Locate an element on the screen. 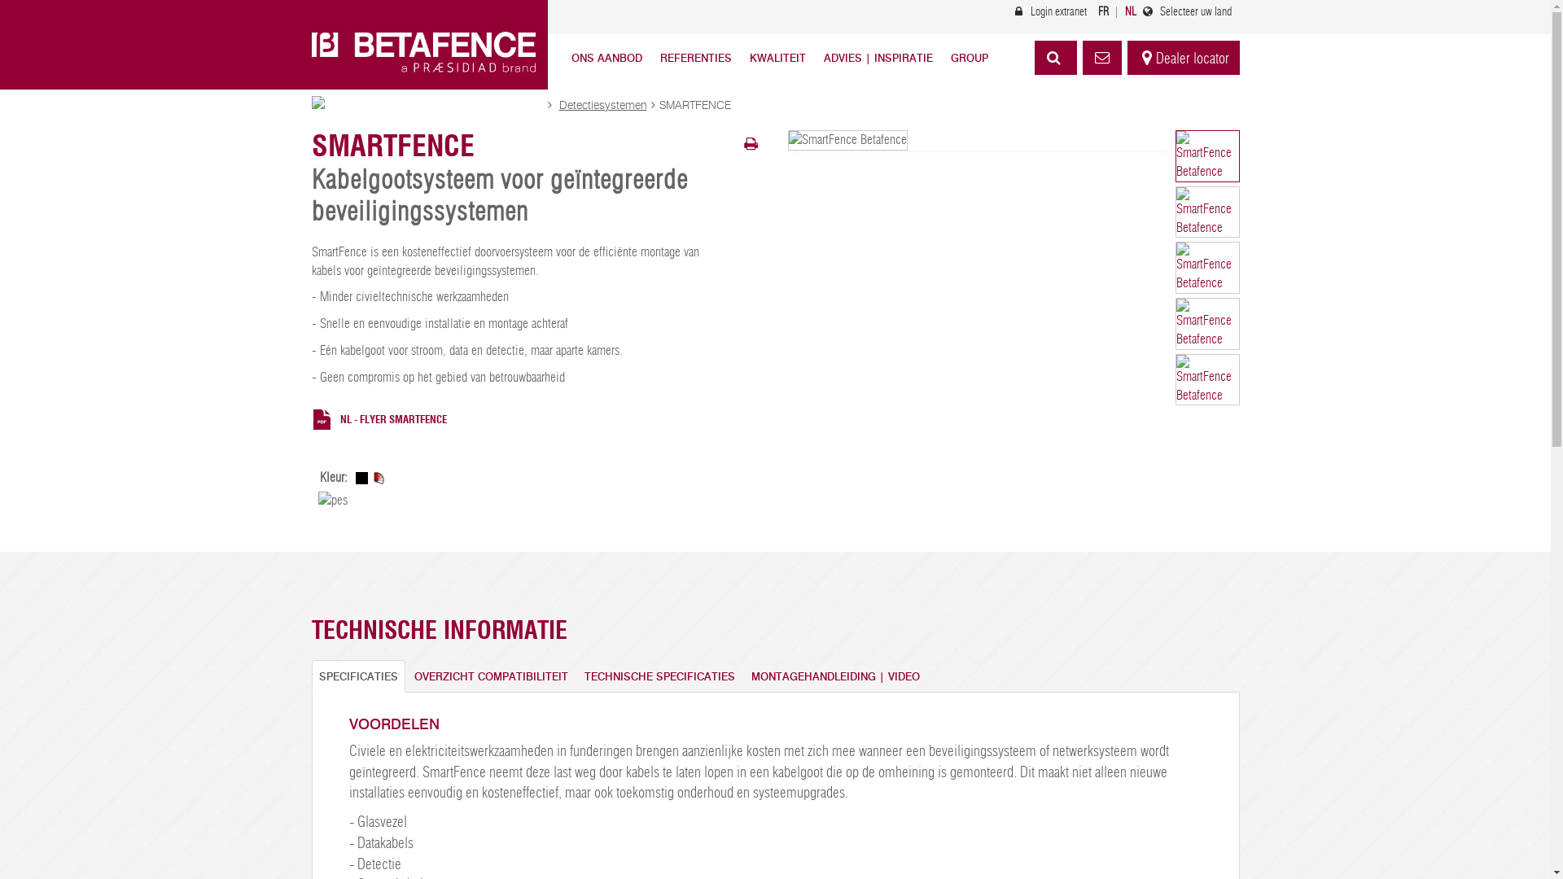 The width and height of the screenshot is (1563, 879). 'NL' is located at coordinates (1129, 11).